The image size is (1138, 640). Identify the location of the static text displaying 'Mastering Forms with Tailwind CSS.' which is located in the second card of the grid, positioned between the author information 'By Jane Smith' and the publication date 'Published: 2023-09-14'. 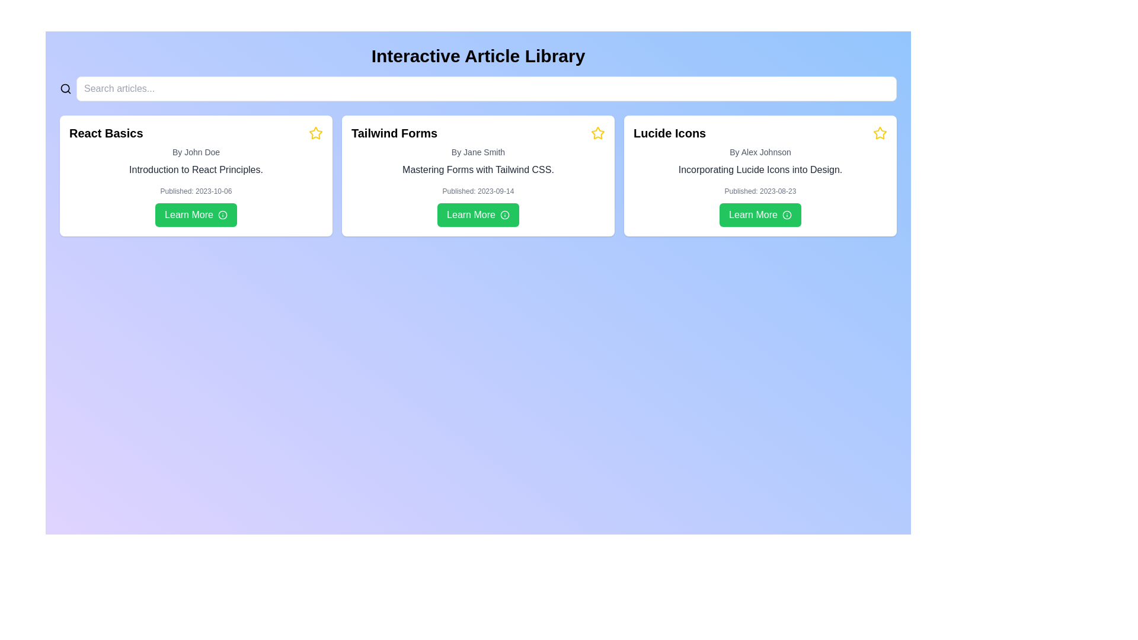
(478, 169).